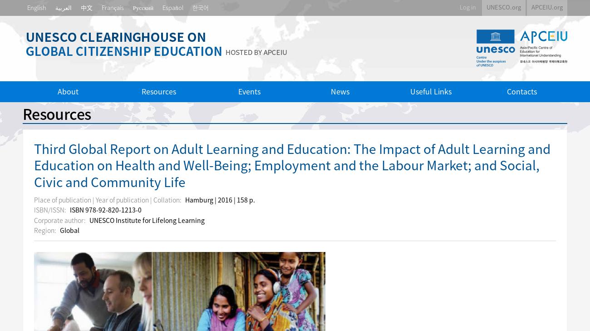 This screenshot has width=590, height=331. Describe the element at coordinates (503, 6) in the screenshot. I see `'UNESCO.org'` at that location.